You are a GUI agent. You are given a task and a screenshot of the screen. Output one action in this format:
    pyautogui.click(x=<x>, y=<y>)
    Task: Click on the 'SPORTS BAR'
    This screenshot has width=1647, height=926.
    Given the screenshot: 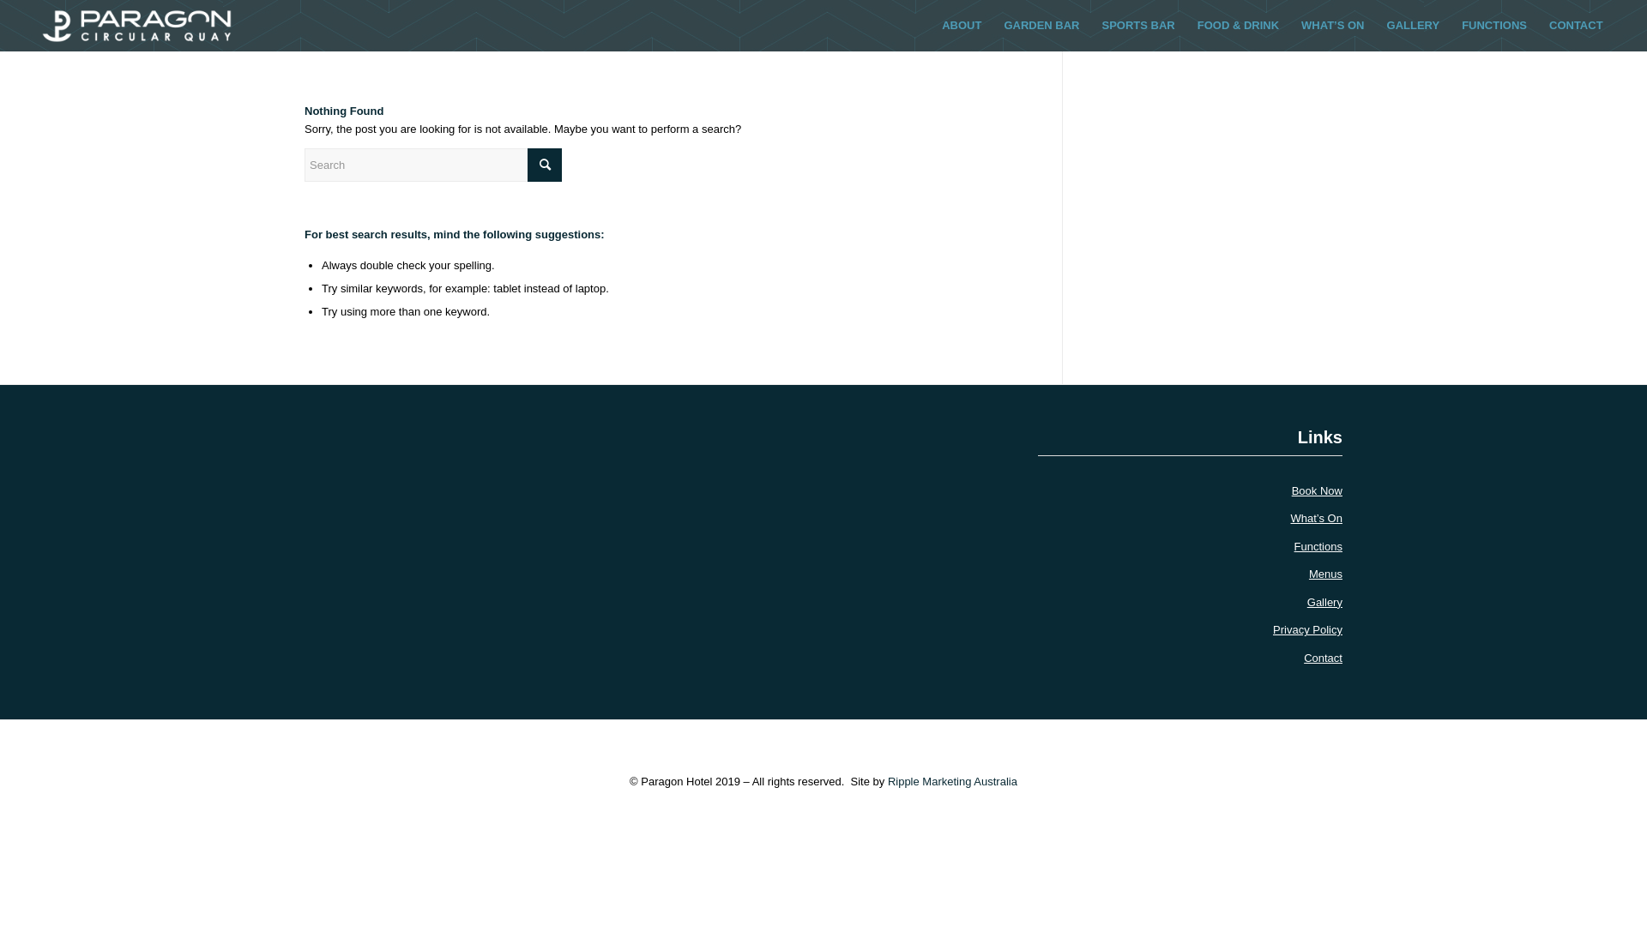 What is the action you would take?
    pyautogui.click(x=1138, y=26)
    